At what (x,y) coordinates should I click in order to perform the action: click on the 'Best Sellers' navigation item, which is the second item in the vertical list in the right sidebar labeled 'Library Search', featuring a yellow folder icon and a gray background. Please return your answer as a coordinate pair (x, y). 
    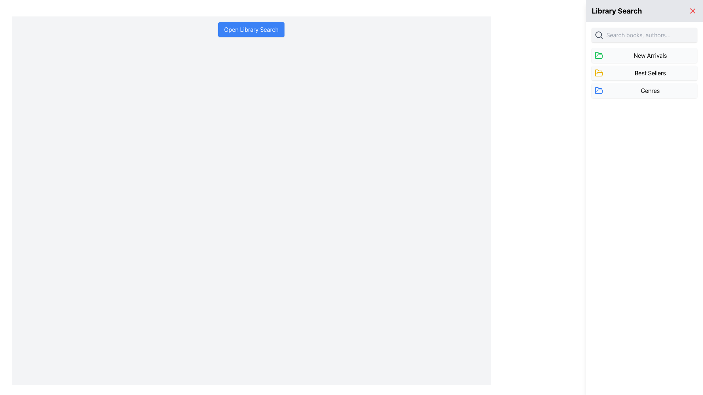
    Looking at the image, I should click on (644, 73).